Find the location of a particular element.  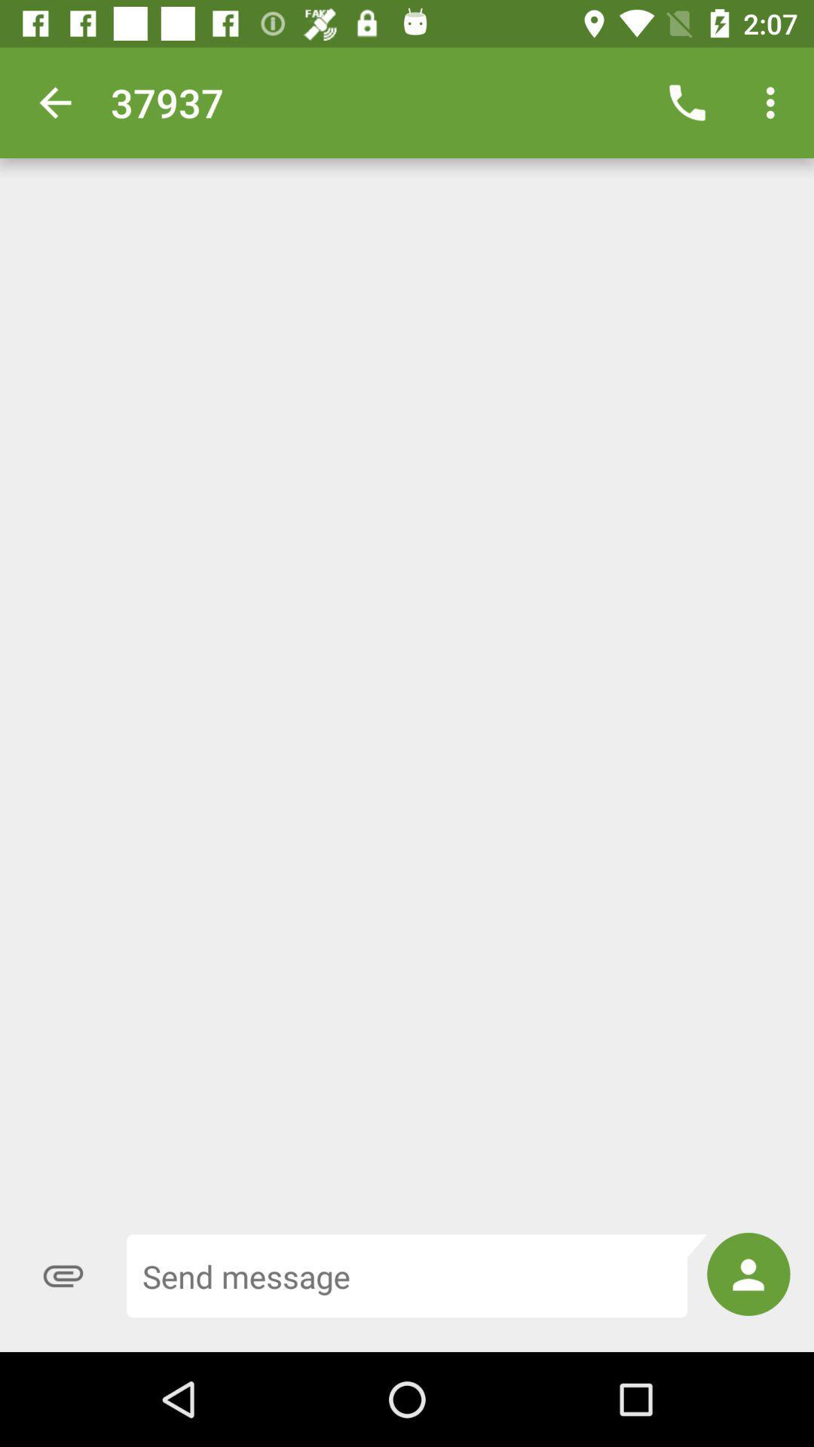

item at the bottom right corner is located at coordinates (748, 1273).